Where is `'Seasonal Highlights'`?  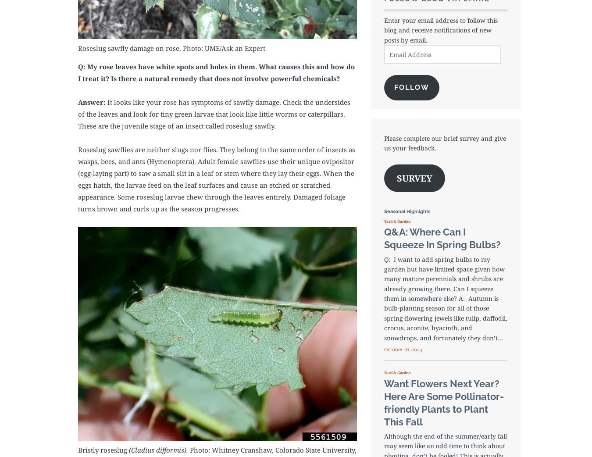
'Seasonal Highlights' is located at coordinates (406, 211).